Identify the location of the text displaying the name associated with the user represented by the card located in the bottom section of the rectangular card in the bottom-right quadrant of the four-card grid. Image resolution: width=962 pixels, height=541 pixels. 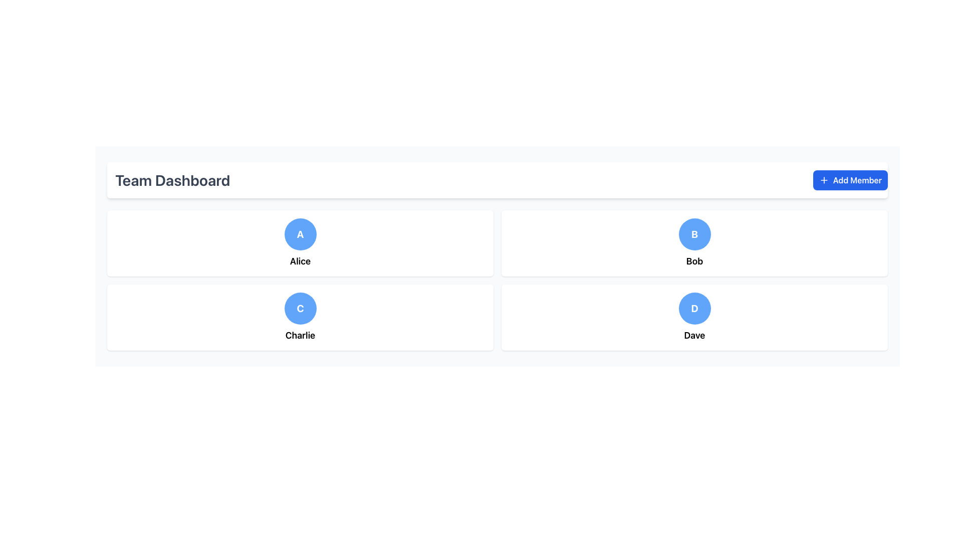
(694, 336).